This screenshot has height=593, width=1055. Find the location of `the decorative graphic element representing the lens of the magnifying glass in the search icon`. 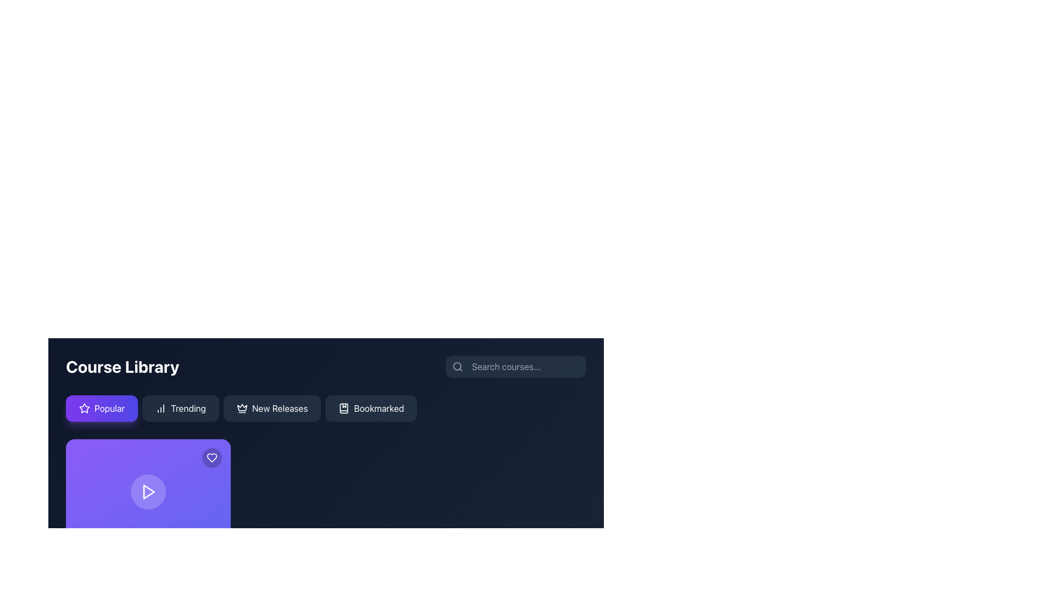

the decorative graphic element representing the lens of the magnifying glass in the search icon is located at coordinates (457, 366).